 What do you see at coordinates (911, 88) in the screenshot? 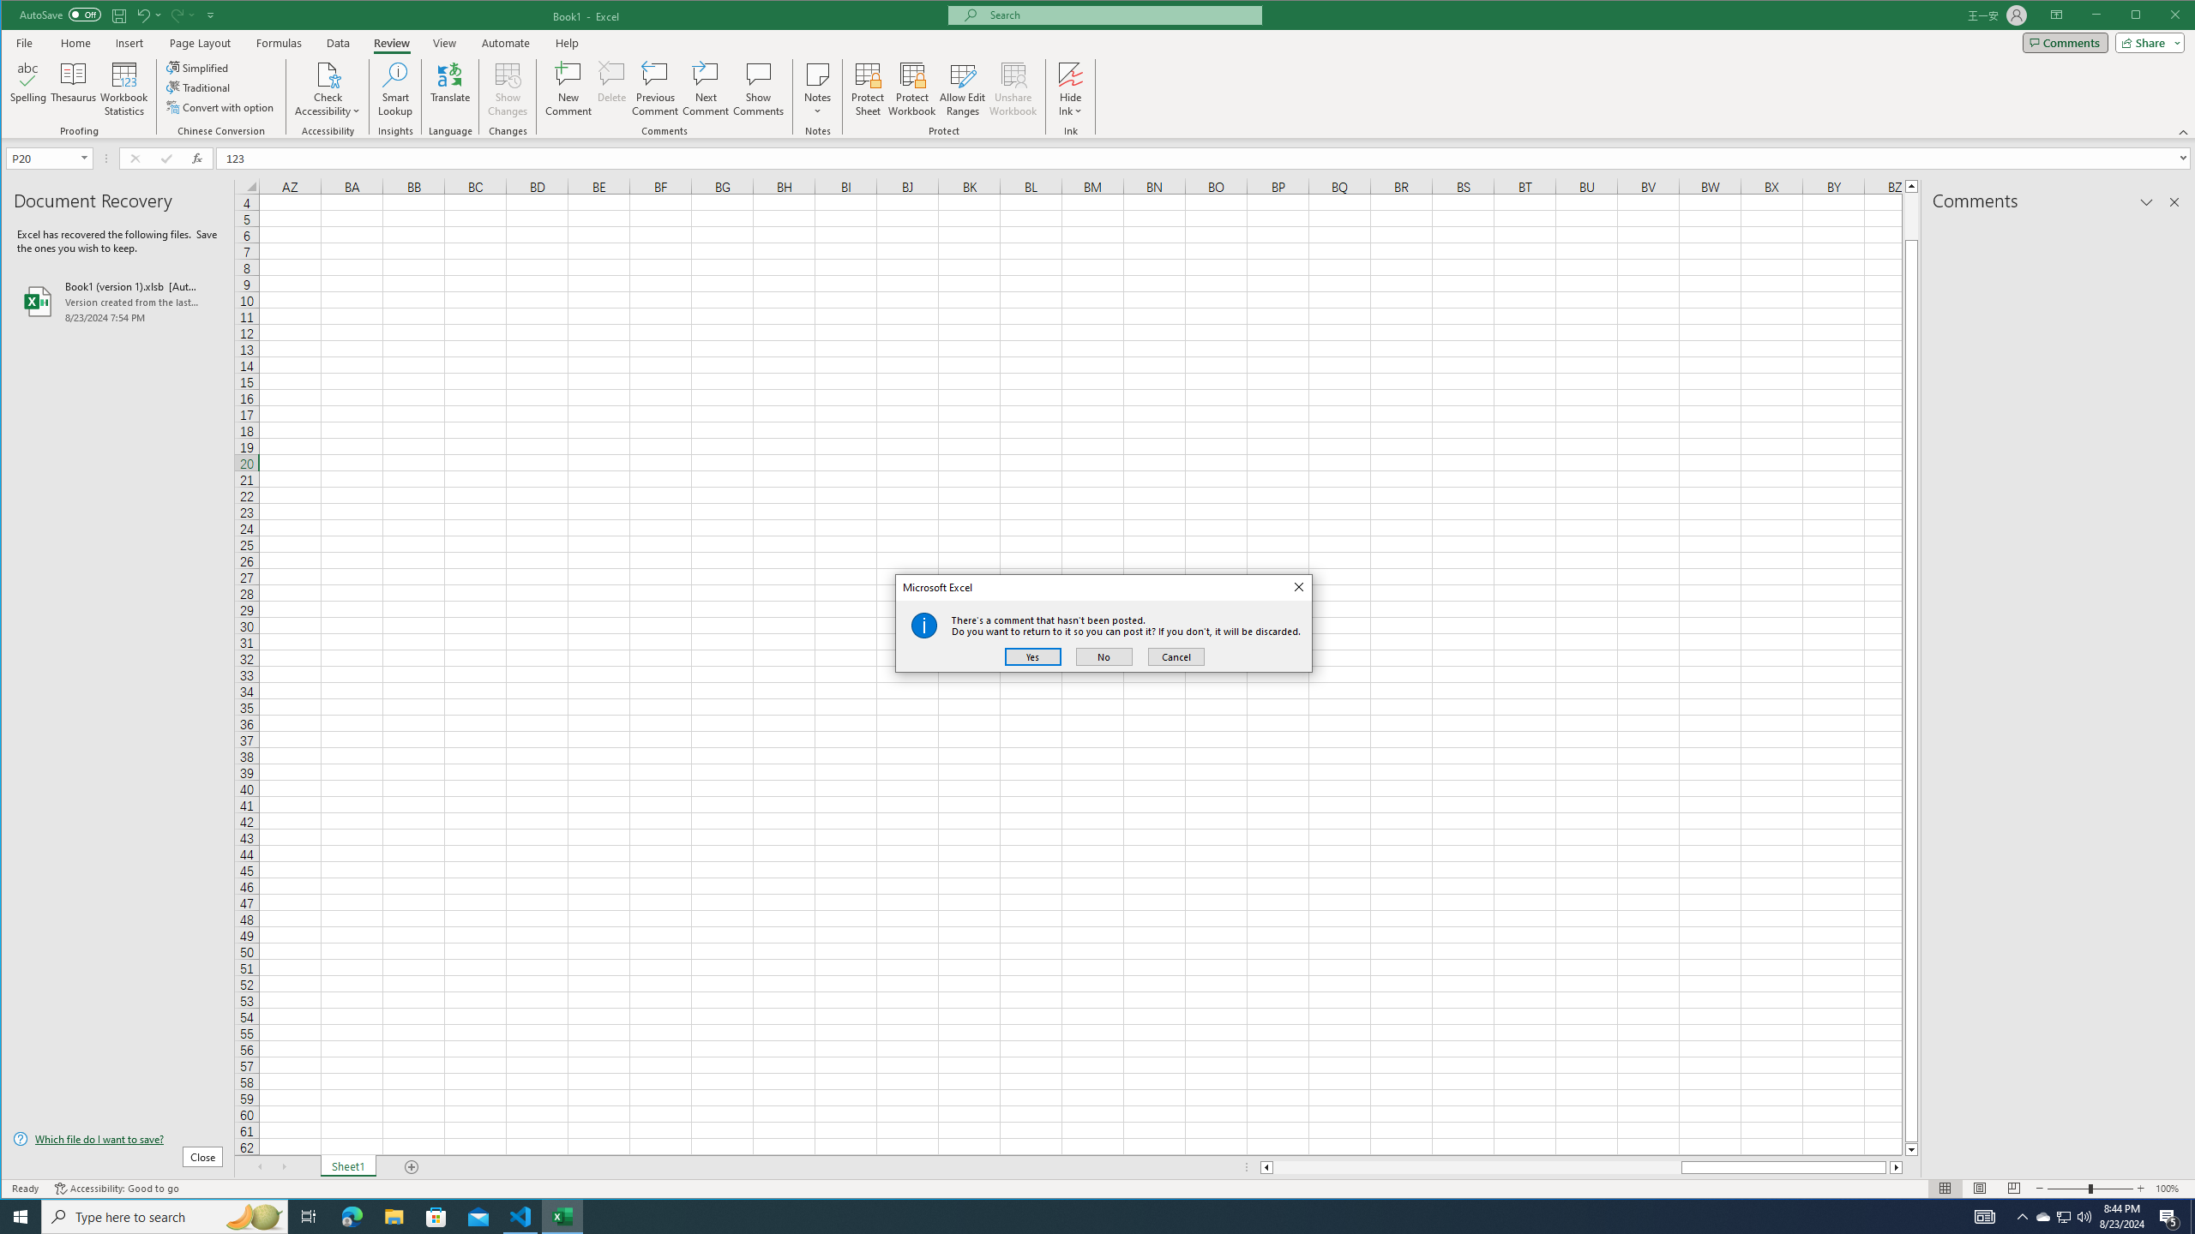
I see `'Protect Workbook...'` at bounding box center [911, 88].